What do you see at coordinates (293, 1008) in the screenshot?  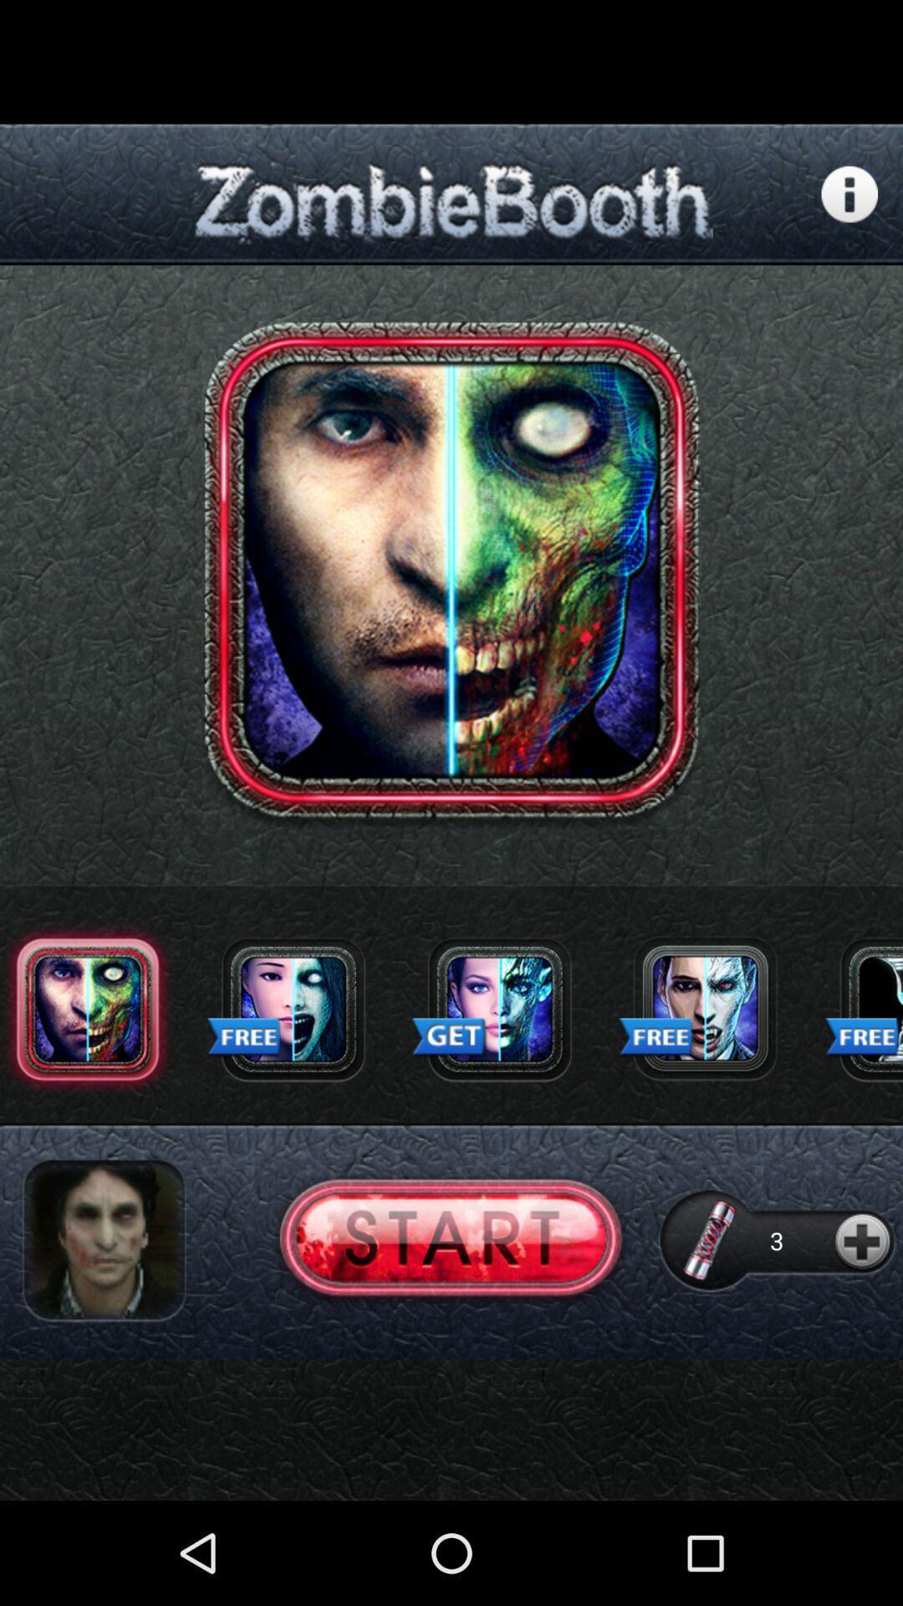 I see `convert our face into a customized zombie 's face as free` at bounding box center [293, 1008].